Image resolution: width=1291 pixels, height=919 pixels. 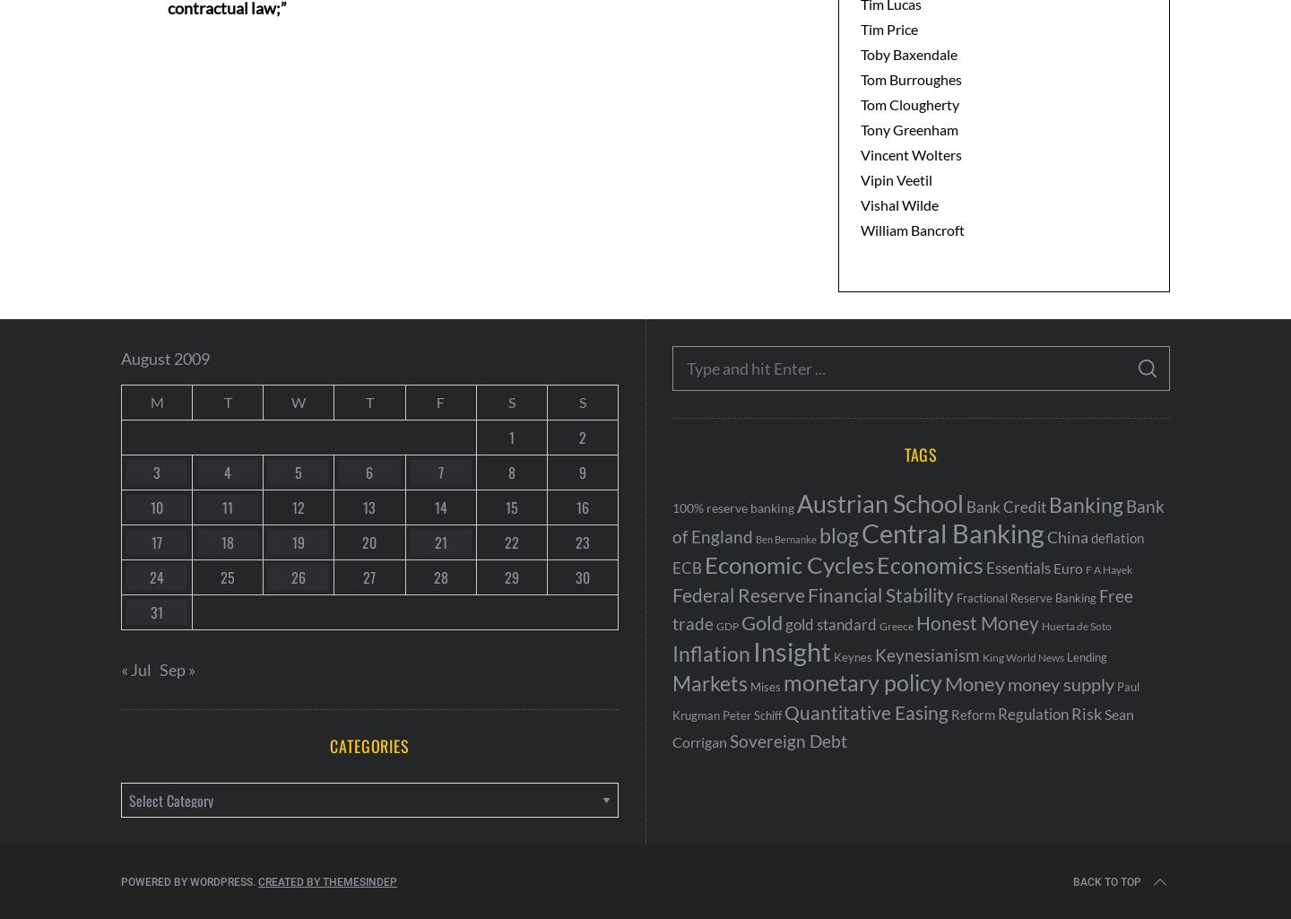 I want to click on '100% reserve banking', so click(x=671, y=507).